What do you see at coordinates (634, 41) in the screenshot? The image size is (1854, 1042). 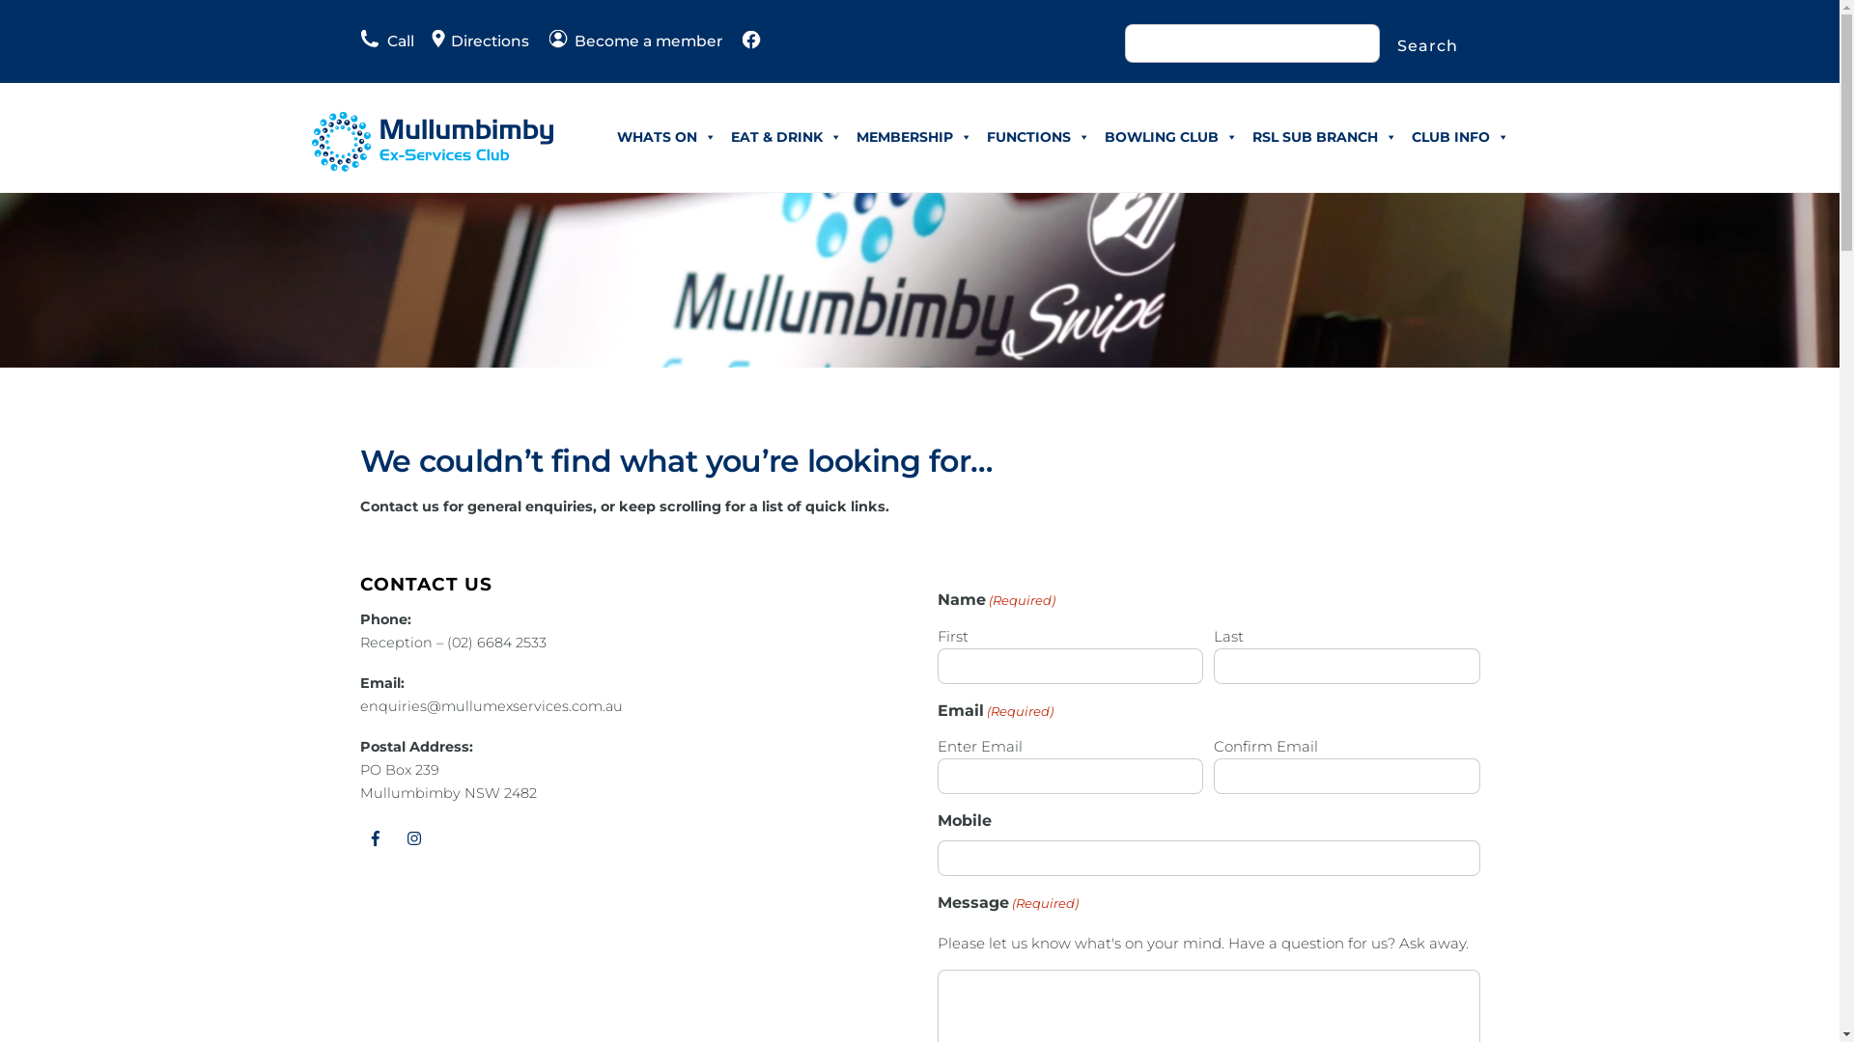 I see `'Become a member'` at bounding box center [634, 41].